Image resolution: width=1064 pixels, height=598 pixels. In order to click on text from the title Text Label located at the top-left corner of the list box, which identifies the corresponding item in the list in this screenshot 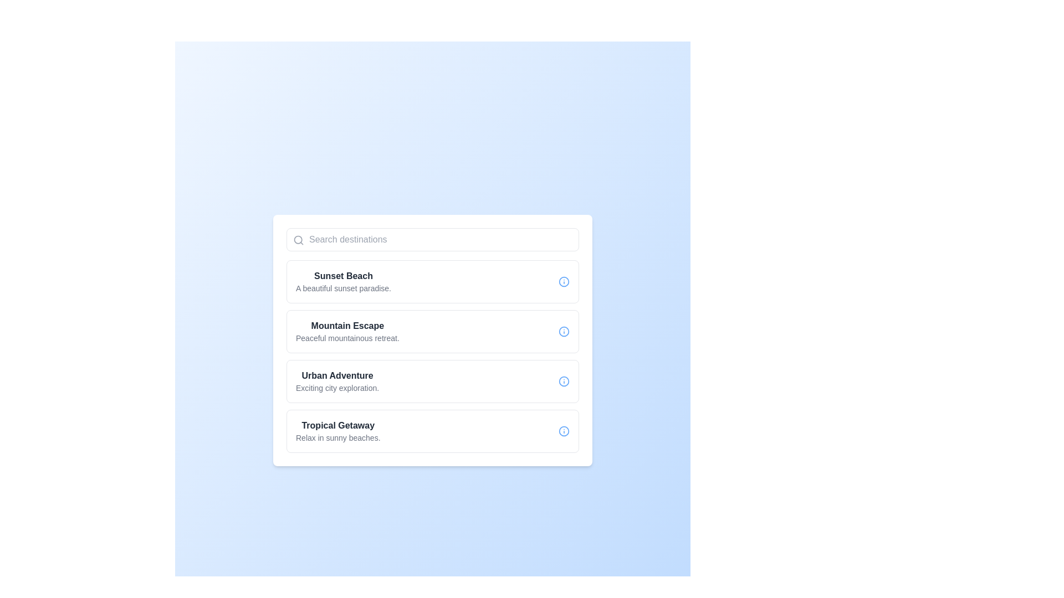, I will do `click(342, 275)`.